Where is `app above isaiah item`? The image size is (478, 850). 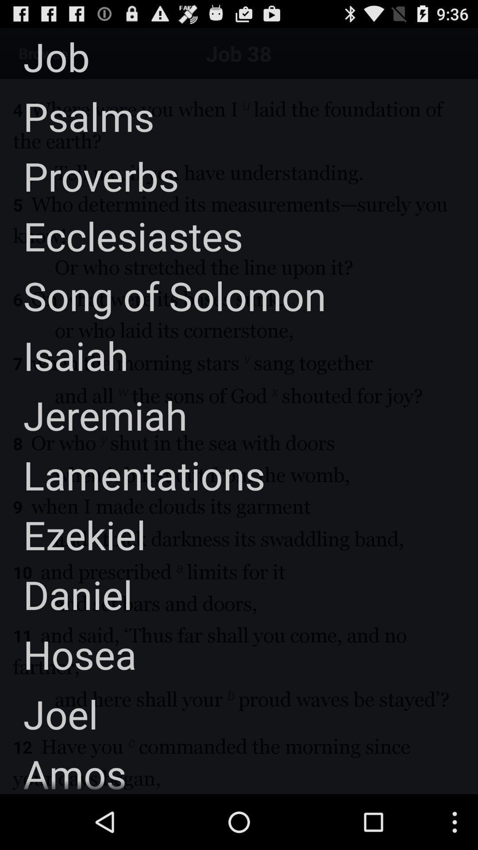
app above isaiah item is located at coordinates (163, 295).